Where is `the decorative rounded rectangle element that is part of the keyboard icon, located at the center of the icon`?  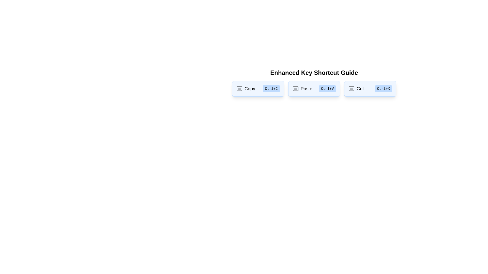 the decorative rounded rectangle element that is part of the keyboard icon, located at the center of the icon is located at coordinates (295, 89).